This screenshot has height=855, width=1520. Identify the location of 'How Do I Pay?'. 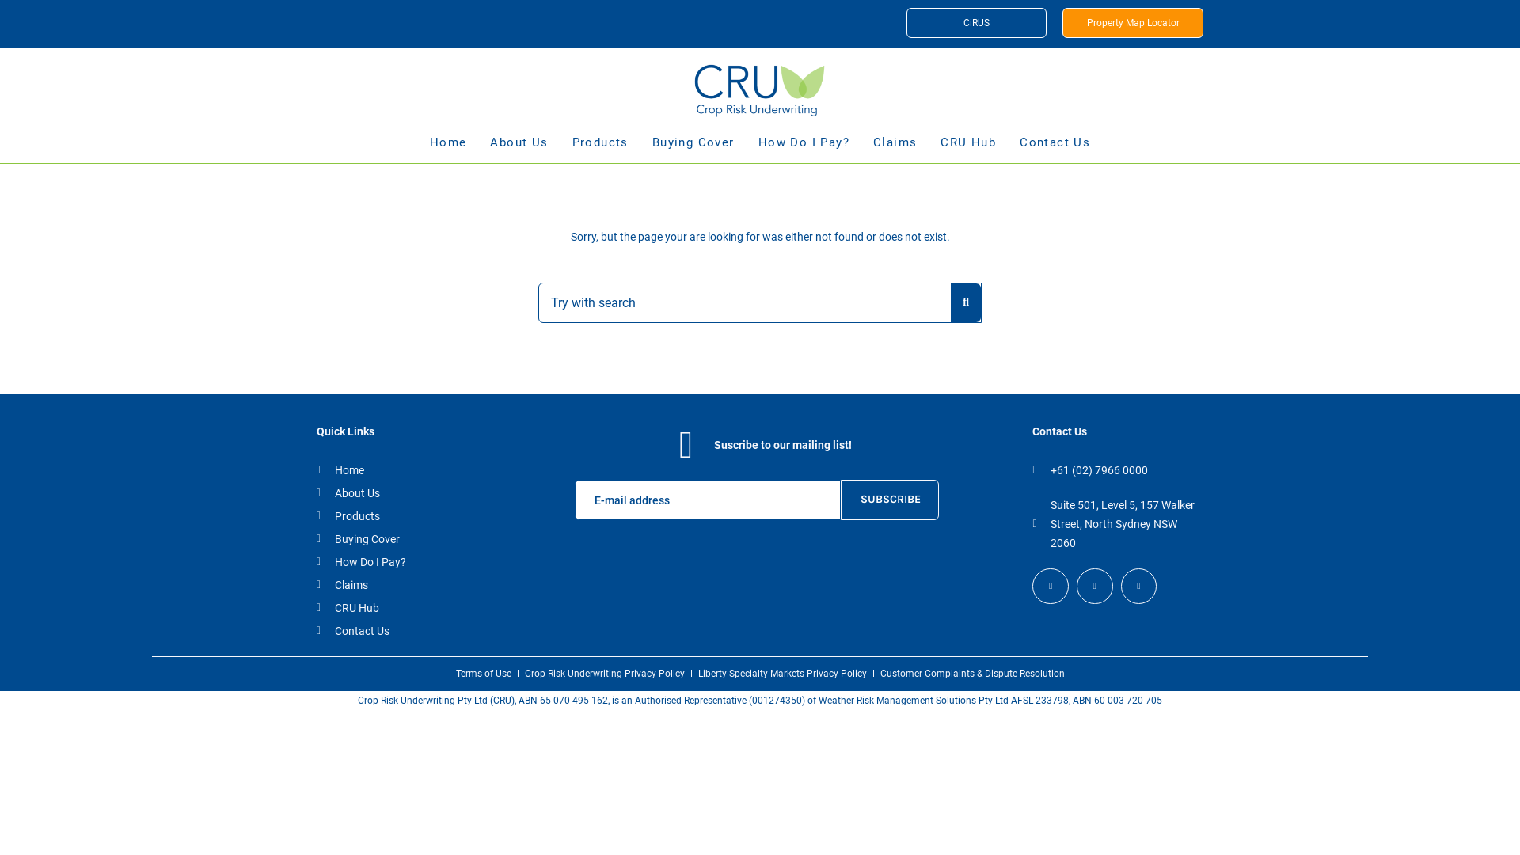
(804, 149).